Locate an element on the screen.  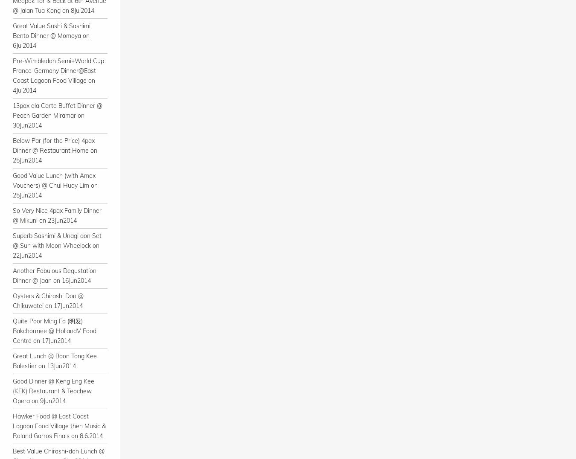
'Pre-Wimbledon Semi+World Cup France-Germany Dinner@East Coast Lagoon Food Village on 4Jul2014' is located at coordinates (58, 76).